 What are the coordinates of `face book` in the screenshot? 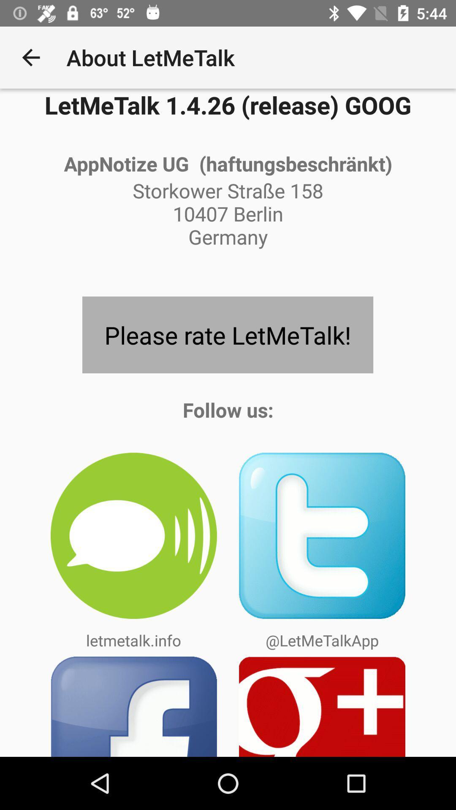 It's located at (133, 706).